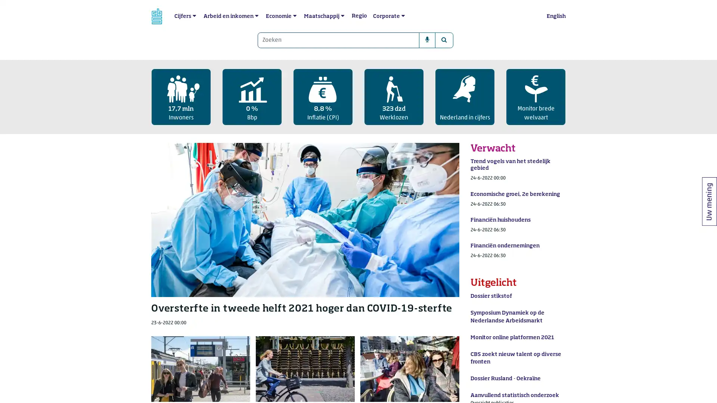 The height and width of the screenshot is (403, 717). Describe the element at coordinates (444, 40) in the screenshot. I see `Zoeken` at that location.